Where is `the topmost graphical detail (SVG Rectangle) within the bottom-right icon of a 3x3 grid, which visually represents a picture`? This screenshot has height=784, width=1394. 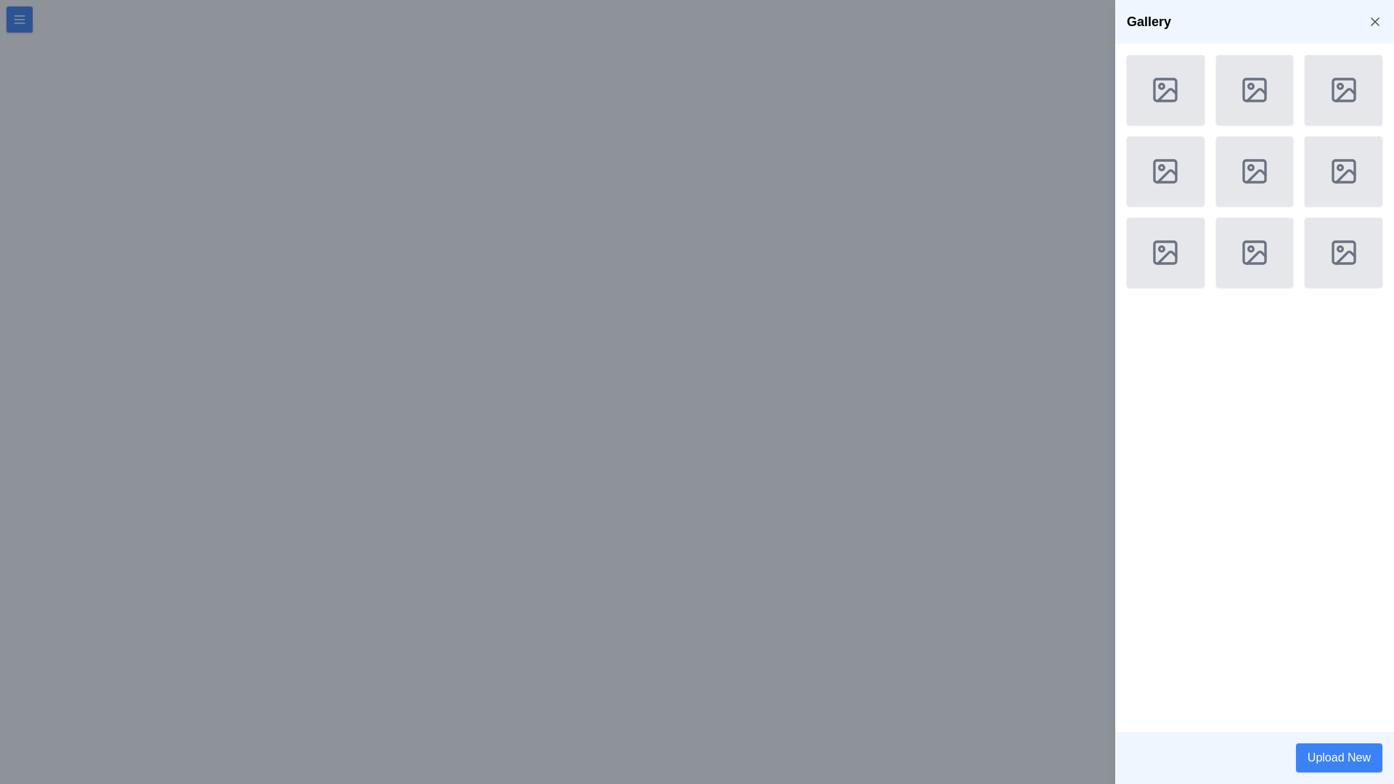 the topmost graphical detail (SVG Rectangle) within the bottom-right icon of a 3x3 grid, which visually represents a picture is located at coordinates (1342, 251).